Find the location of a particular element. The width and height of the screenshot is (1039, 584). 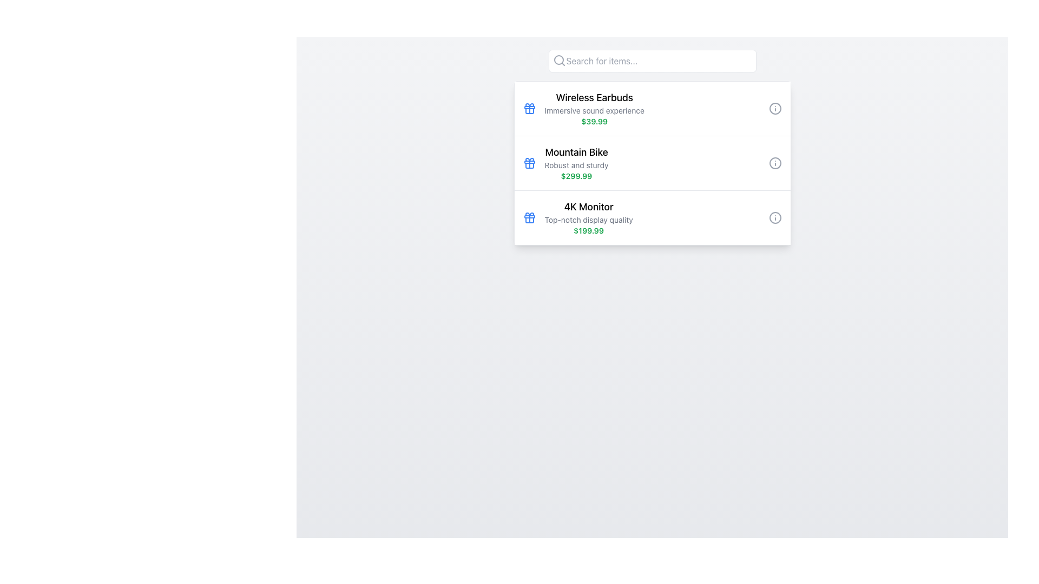

text from the Text Label displaying 'Mountain Bike', which includes the lines 'Robust and sturdy' and the price '$299.99'. This element is the second item in a vertical list of product information cards is located at coordinates (576, 163).